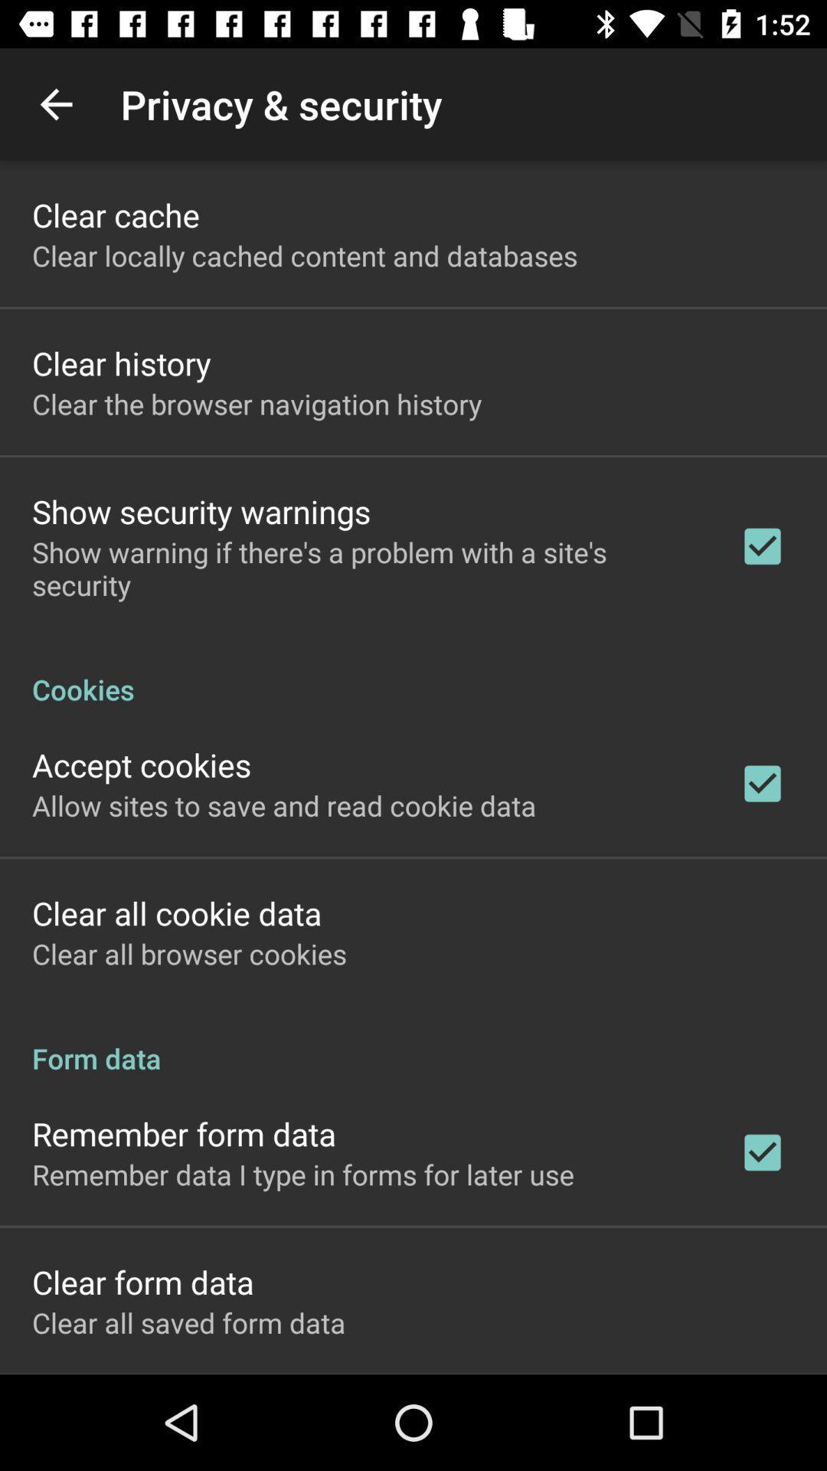 This screenshot has width=827, height=1471. Describe the element at coordinates (365, 568) in the screenshot. I see `icon above cookies app` at that location.